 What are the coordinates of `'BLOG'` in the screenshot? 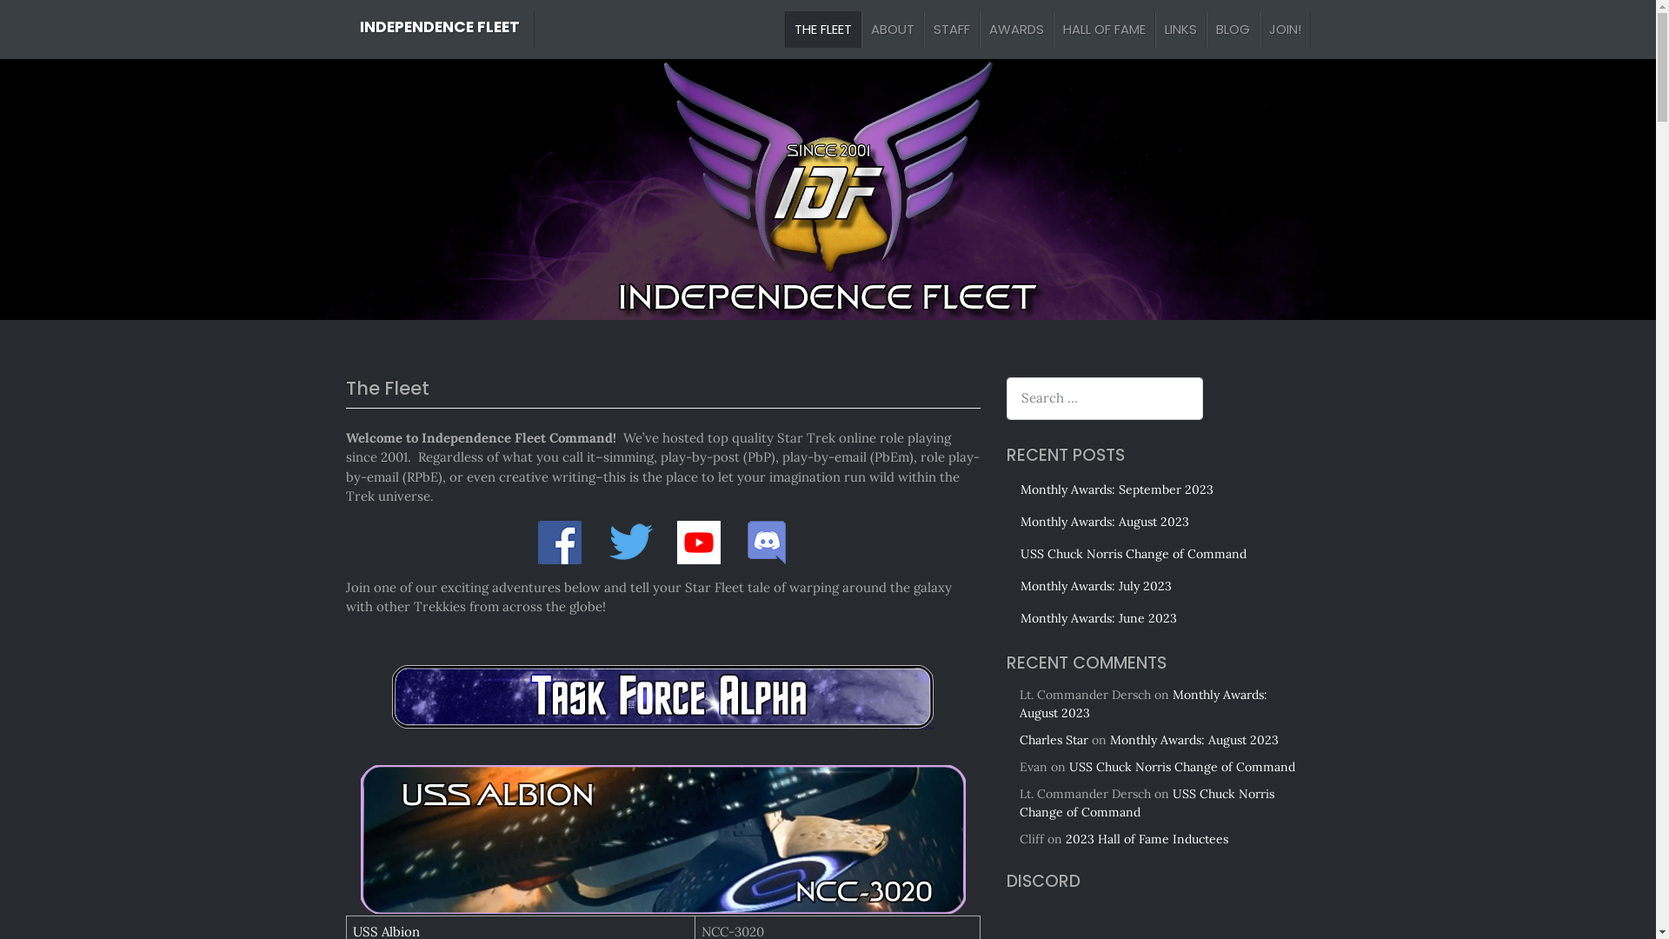 It's located at (1232, 30).